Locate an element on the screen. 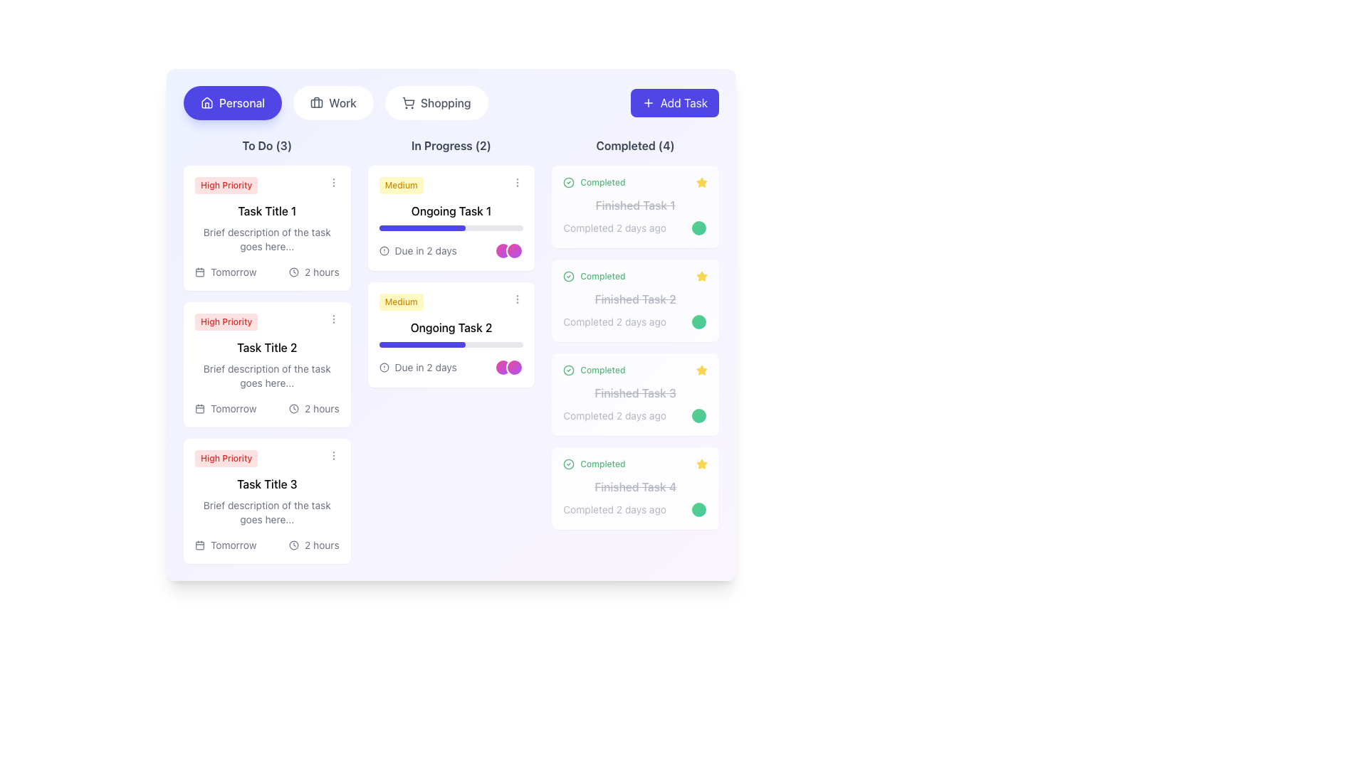  the star-shaped icon with a yellow fill and black borders located in the 'Completed' section next to the task 'Finished Task 1' to mark or unmark it as favorite is located at coordinates (701, 182).